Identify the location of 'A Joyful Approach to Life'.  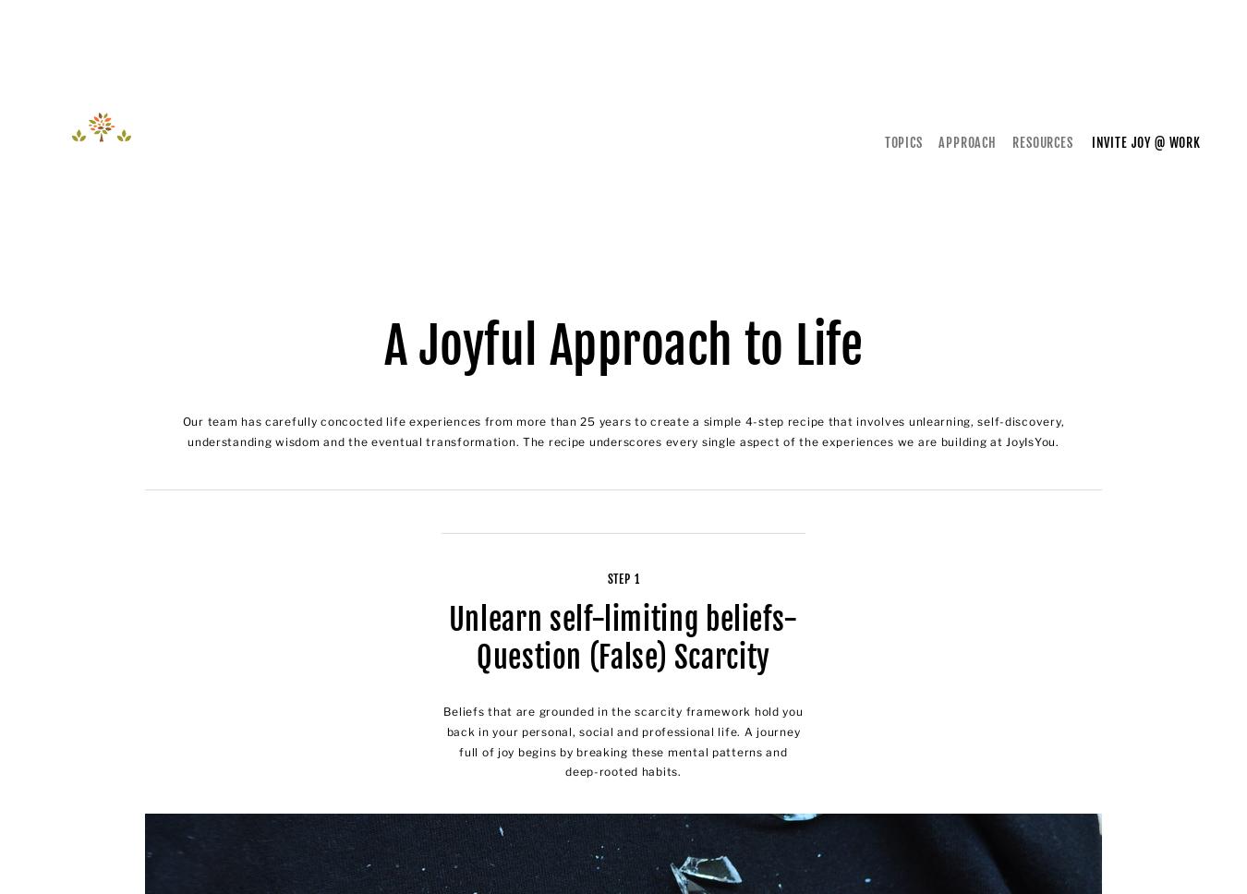
(623, 344).